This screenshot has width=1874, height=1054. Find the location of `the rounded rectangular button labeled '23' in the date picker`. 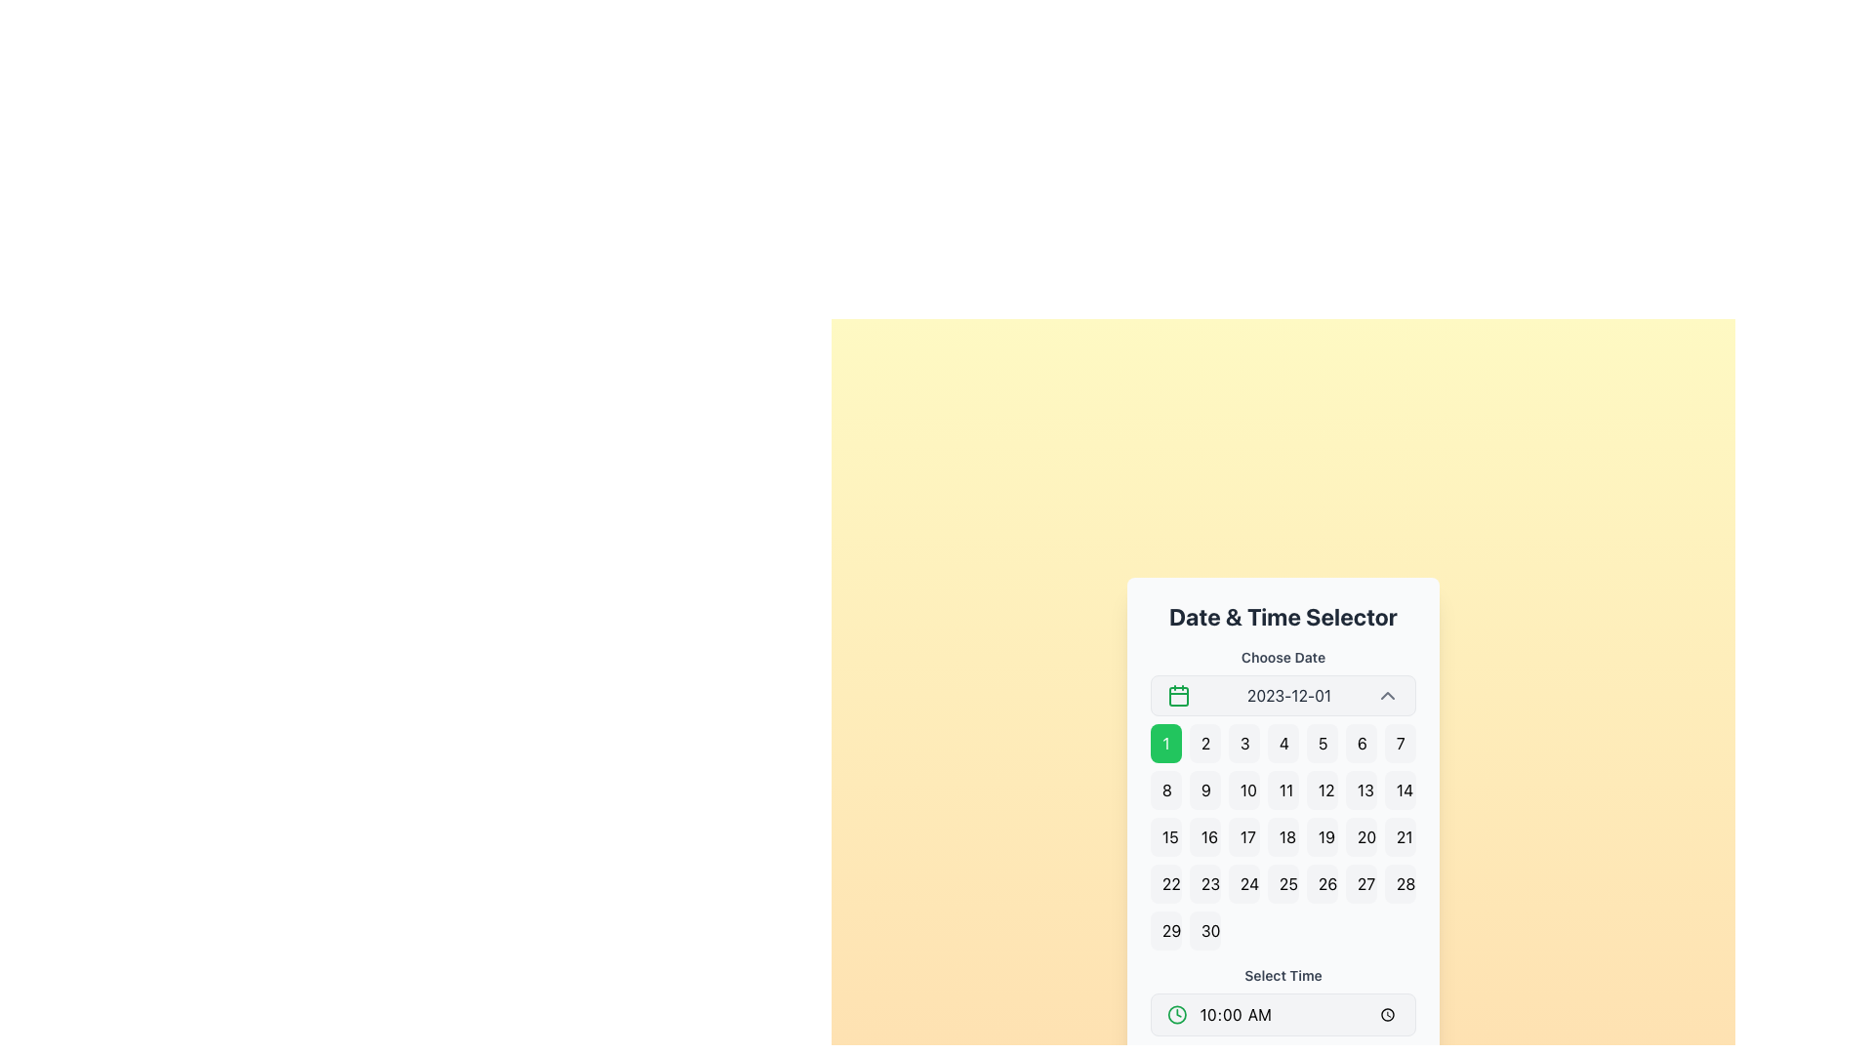

the rounded rectangular button labeled '23' in the date picker is located at coordinates (1203, 884).